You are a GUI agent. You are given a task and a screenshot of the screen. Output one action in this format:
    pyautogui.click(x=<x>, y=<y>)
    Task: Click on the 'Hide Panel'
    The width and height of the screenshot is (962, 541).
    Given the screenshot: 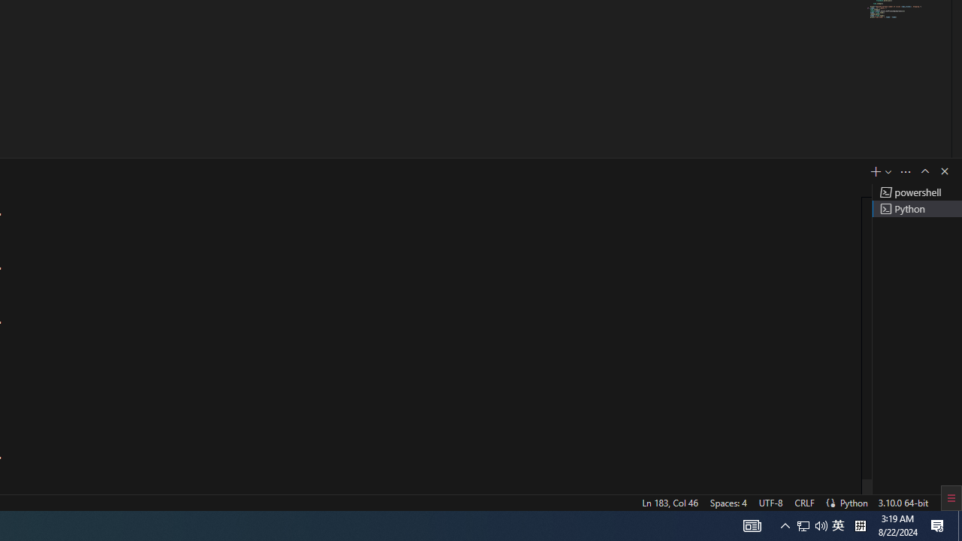 What is the action you would take?
    pyautogui.click(x=943, y=170)
    